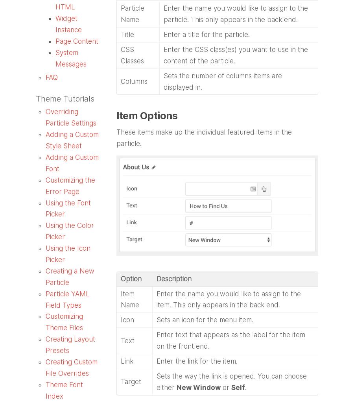 The width and height of the screenshot is (354, 401). I want to click on 'or', so click(225, 387).